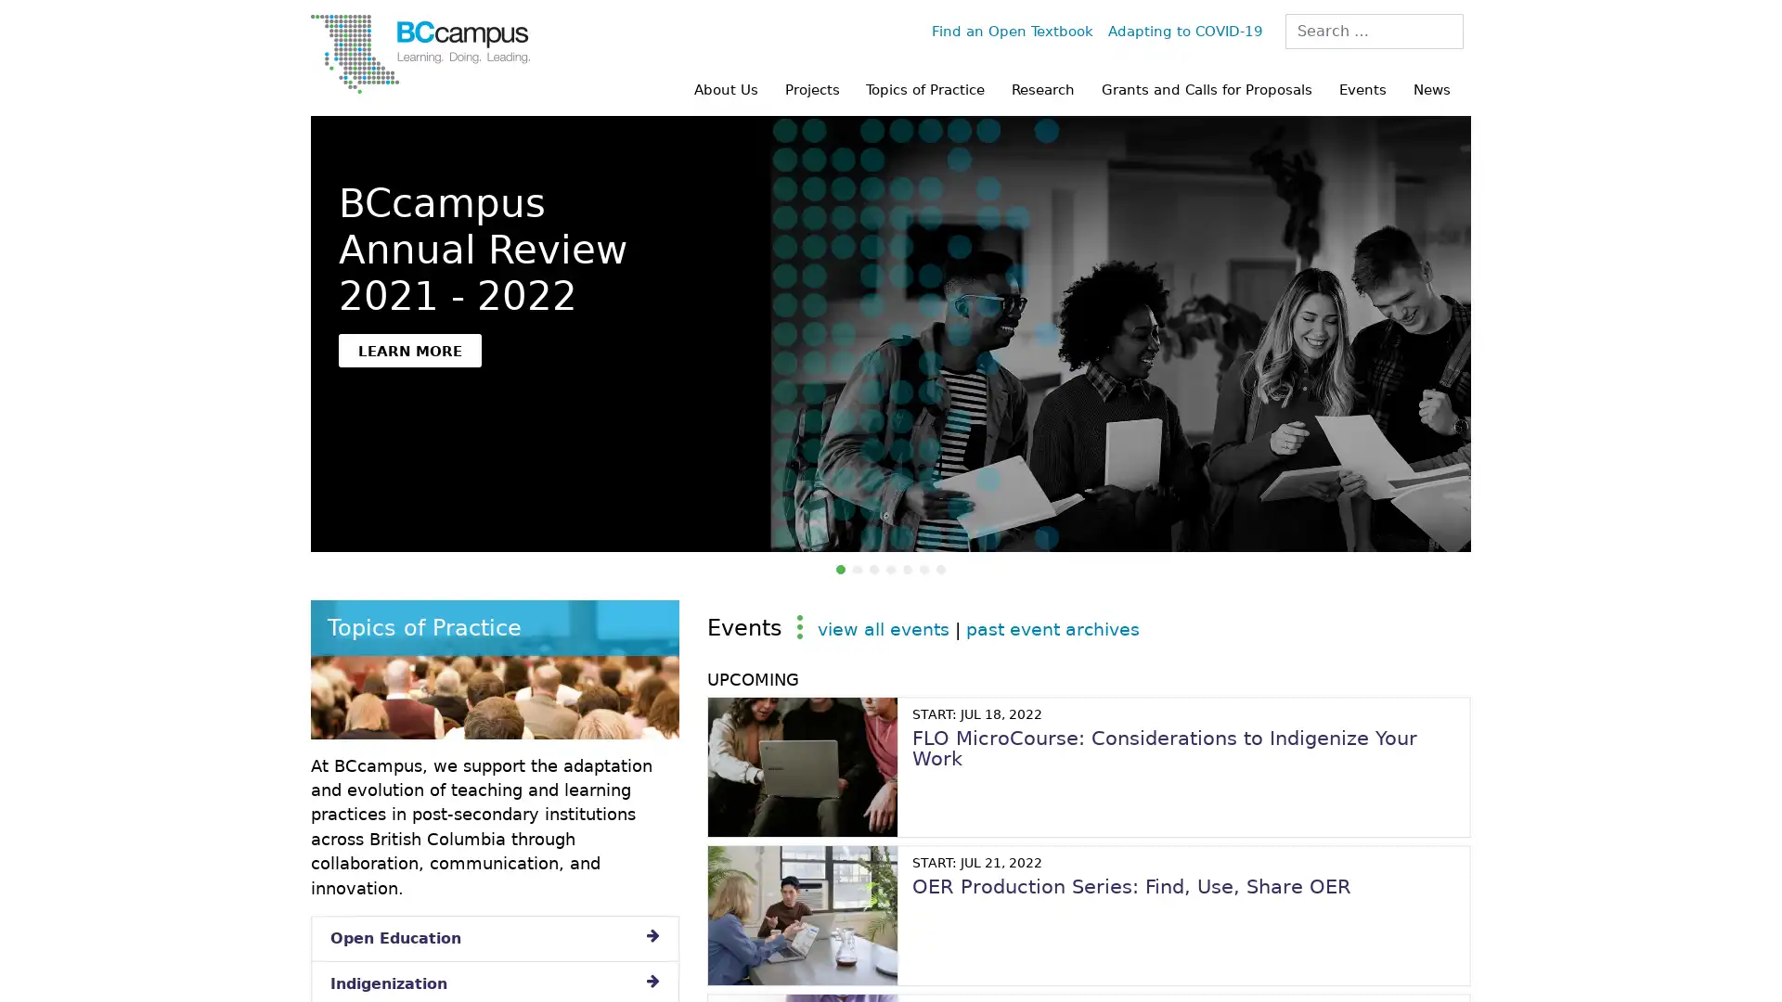 The height and width of the screenshot is (1002, 1782). I want to click on Pulling Together: Indigenization, so click(908, 568).